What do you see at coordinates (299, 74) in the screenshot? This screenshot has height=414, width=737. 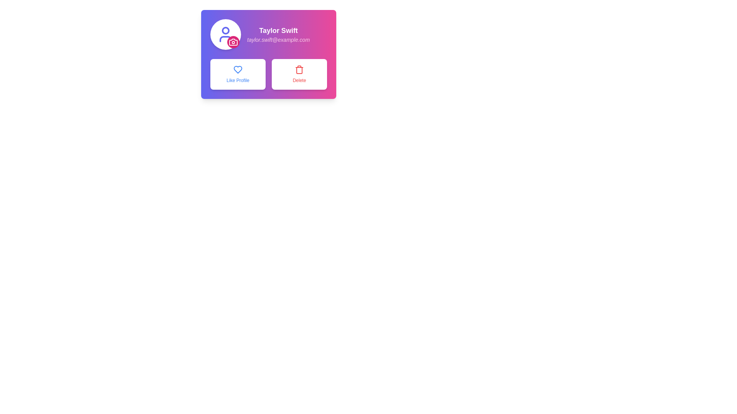 I see `the 'Delete' button located on the right side of the two-column layout` at bounding box center [299, 74].